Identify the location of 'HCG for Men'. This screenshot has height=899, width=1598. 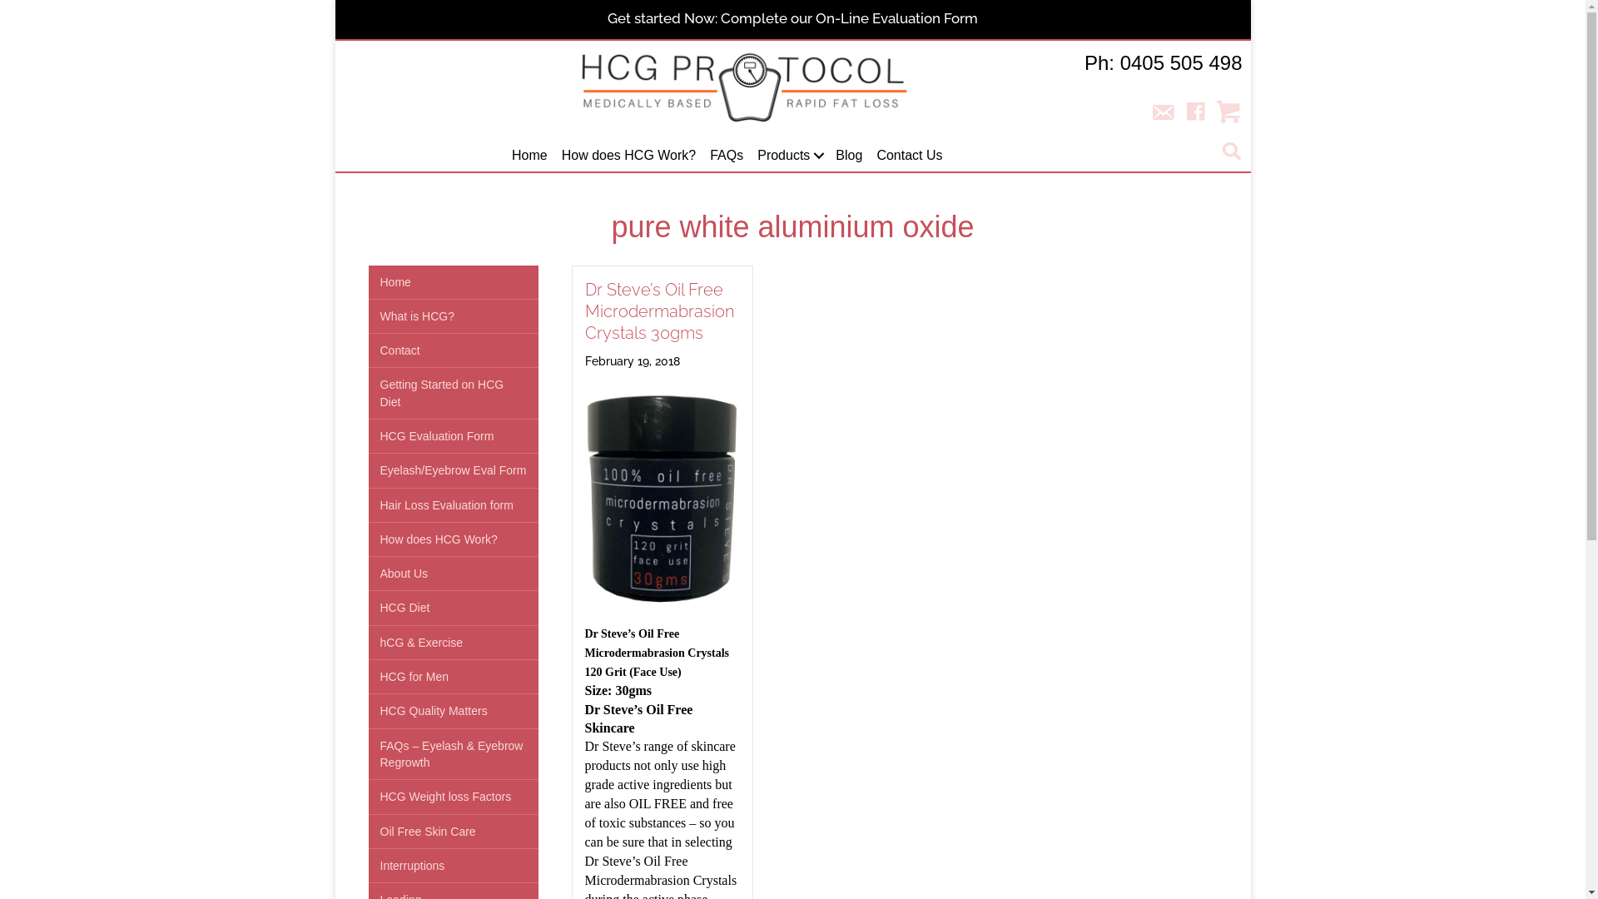
(366, 677).